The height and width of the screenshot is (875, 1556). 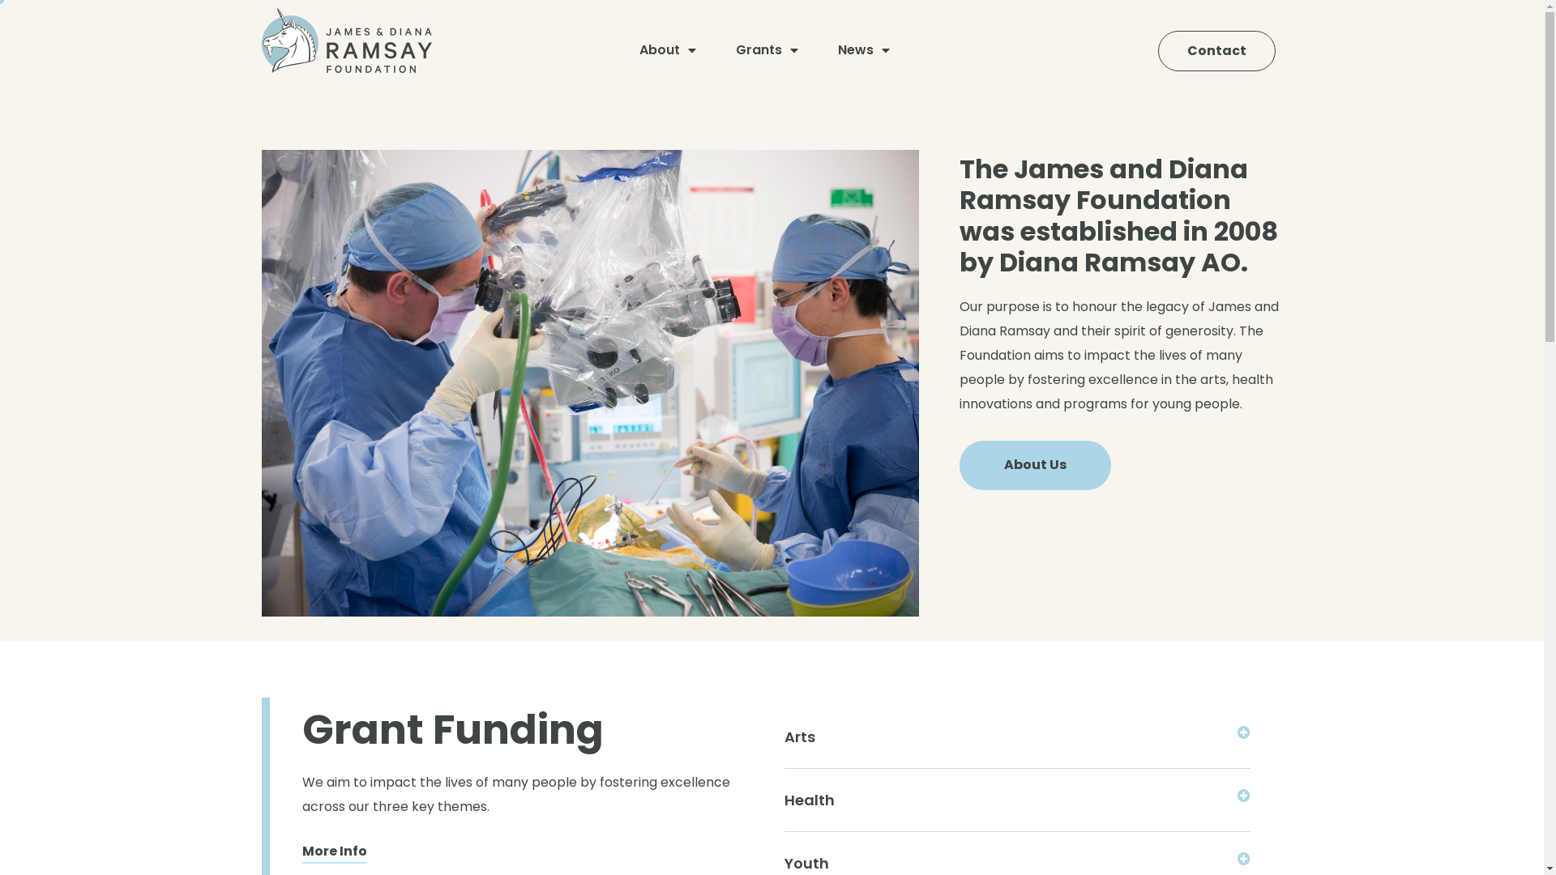 What do you see at coordinates (1034, 465) in the screenshot?
I see `'About Us'` at bounding box center [1034, 465].